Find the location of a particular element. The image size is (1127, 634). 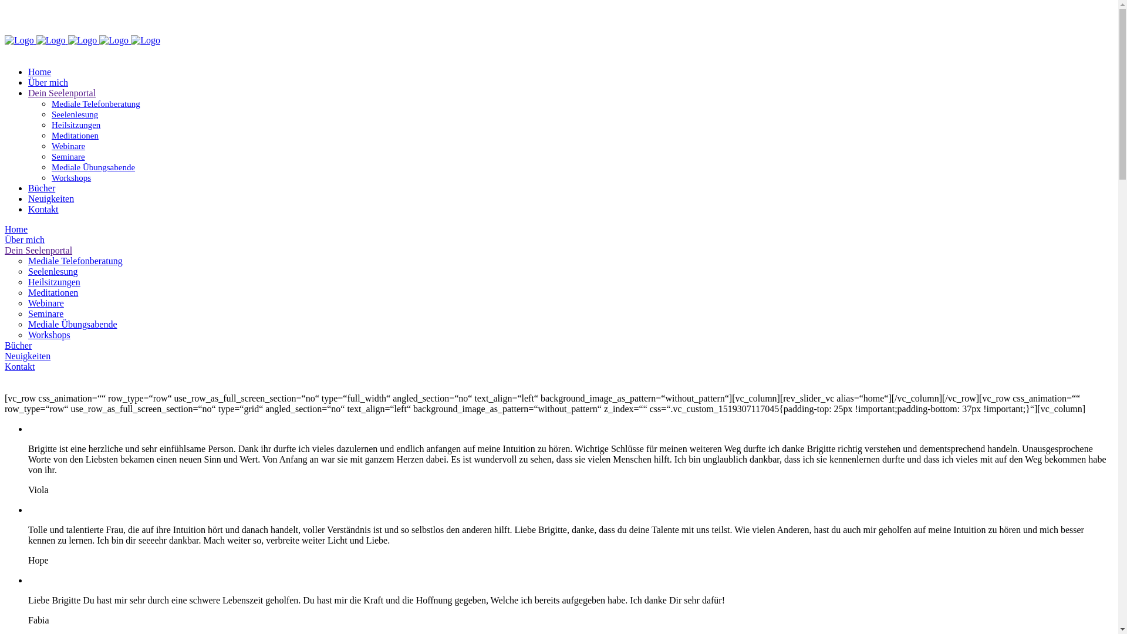

'Neuigkeiten' is located at coordinates (28, 355).